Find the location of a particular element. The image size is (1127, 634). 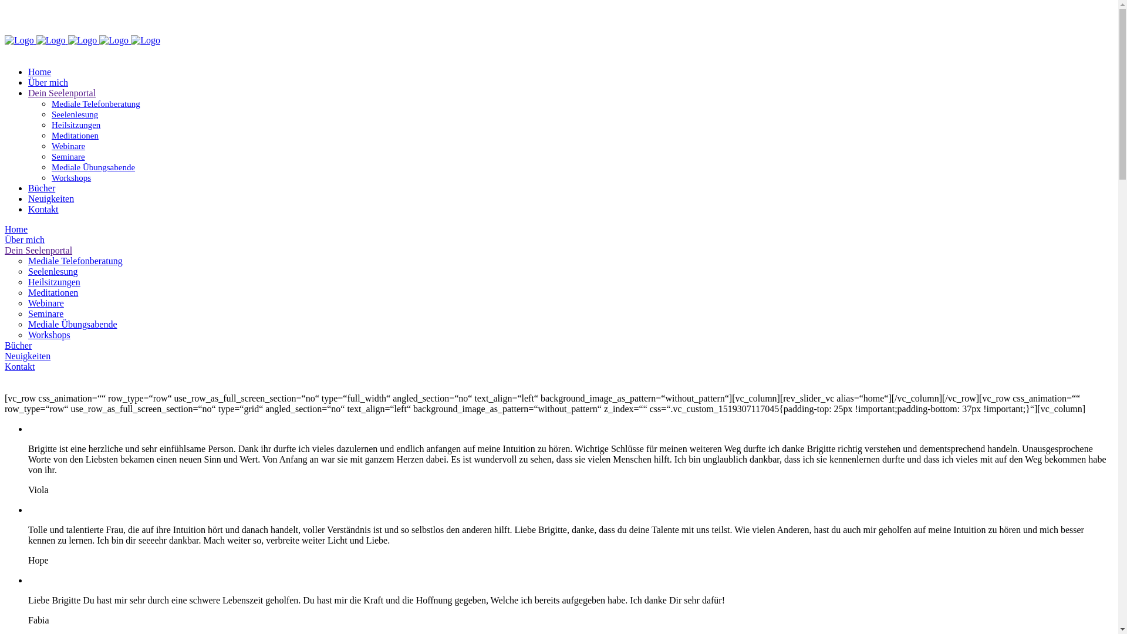

'Neuigkeiten' is located at coordinates (28, 355).